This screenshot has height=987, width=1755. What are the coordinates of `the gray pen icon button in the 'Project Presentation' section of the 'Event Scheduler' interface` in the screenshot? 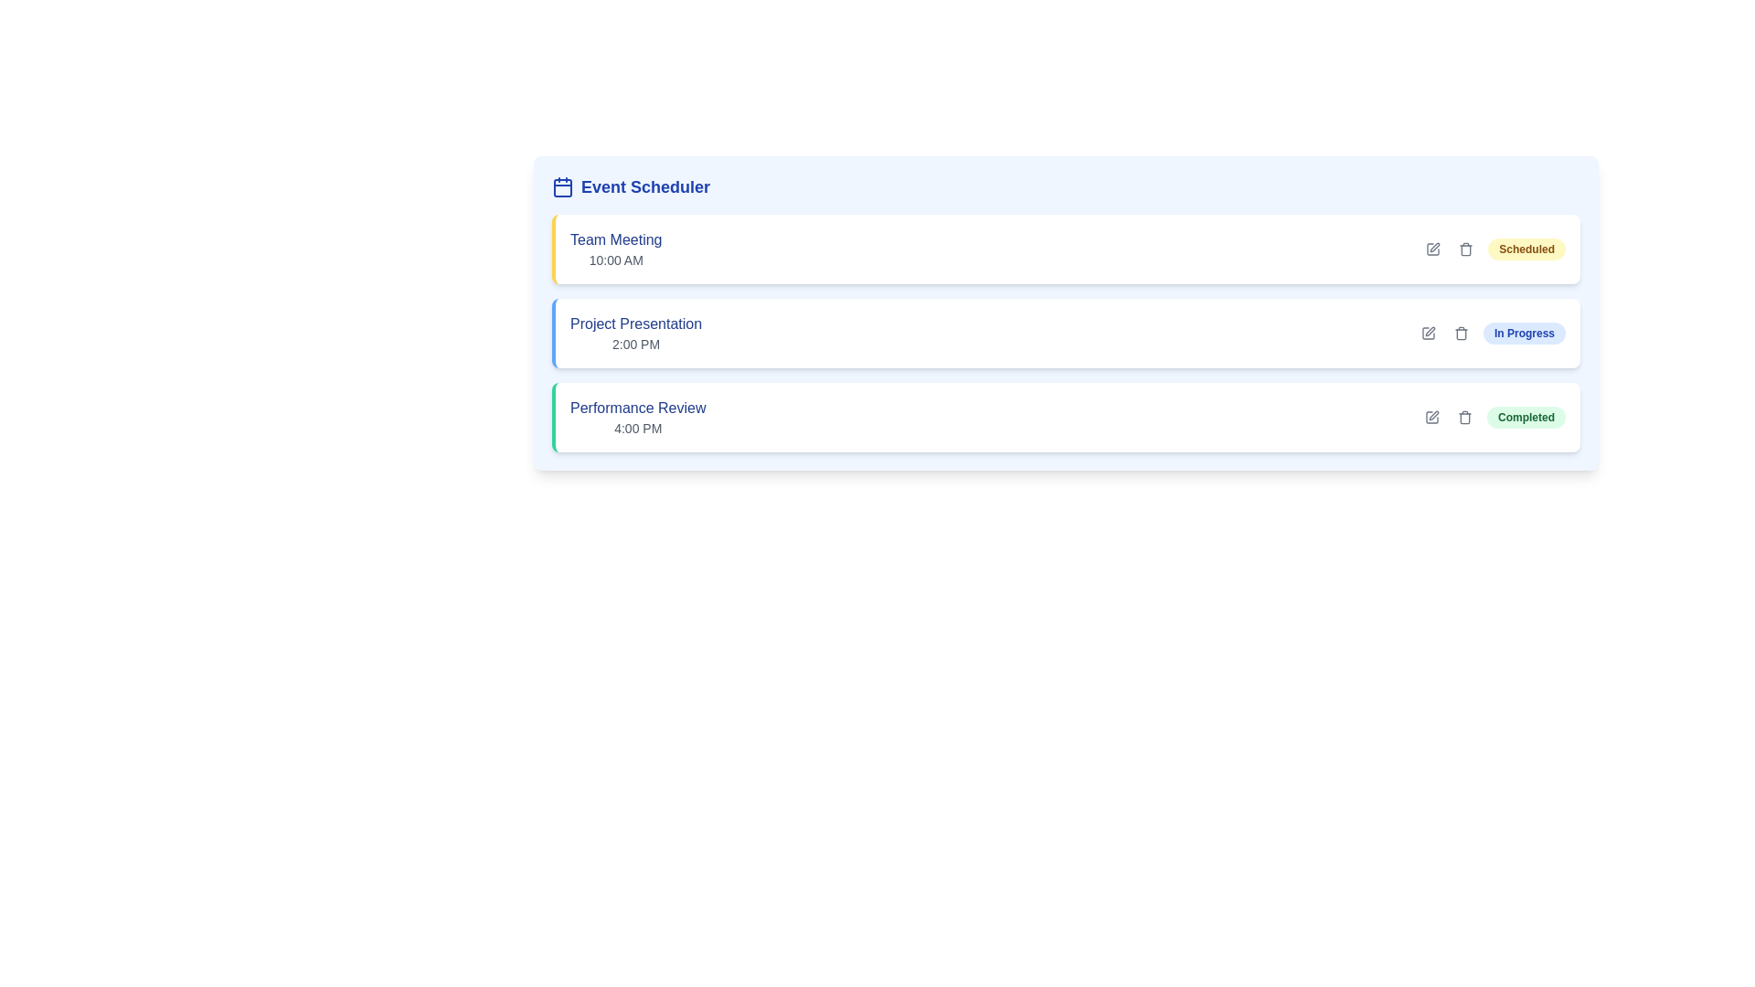 It's located at (1427, 334).